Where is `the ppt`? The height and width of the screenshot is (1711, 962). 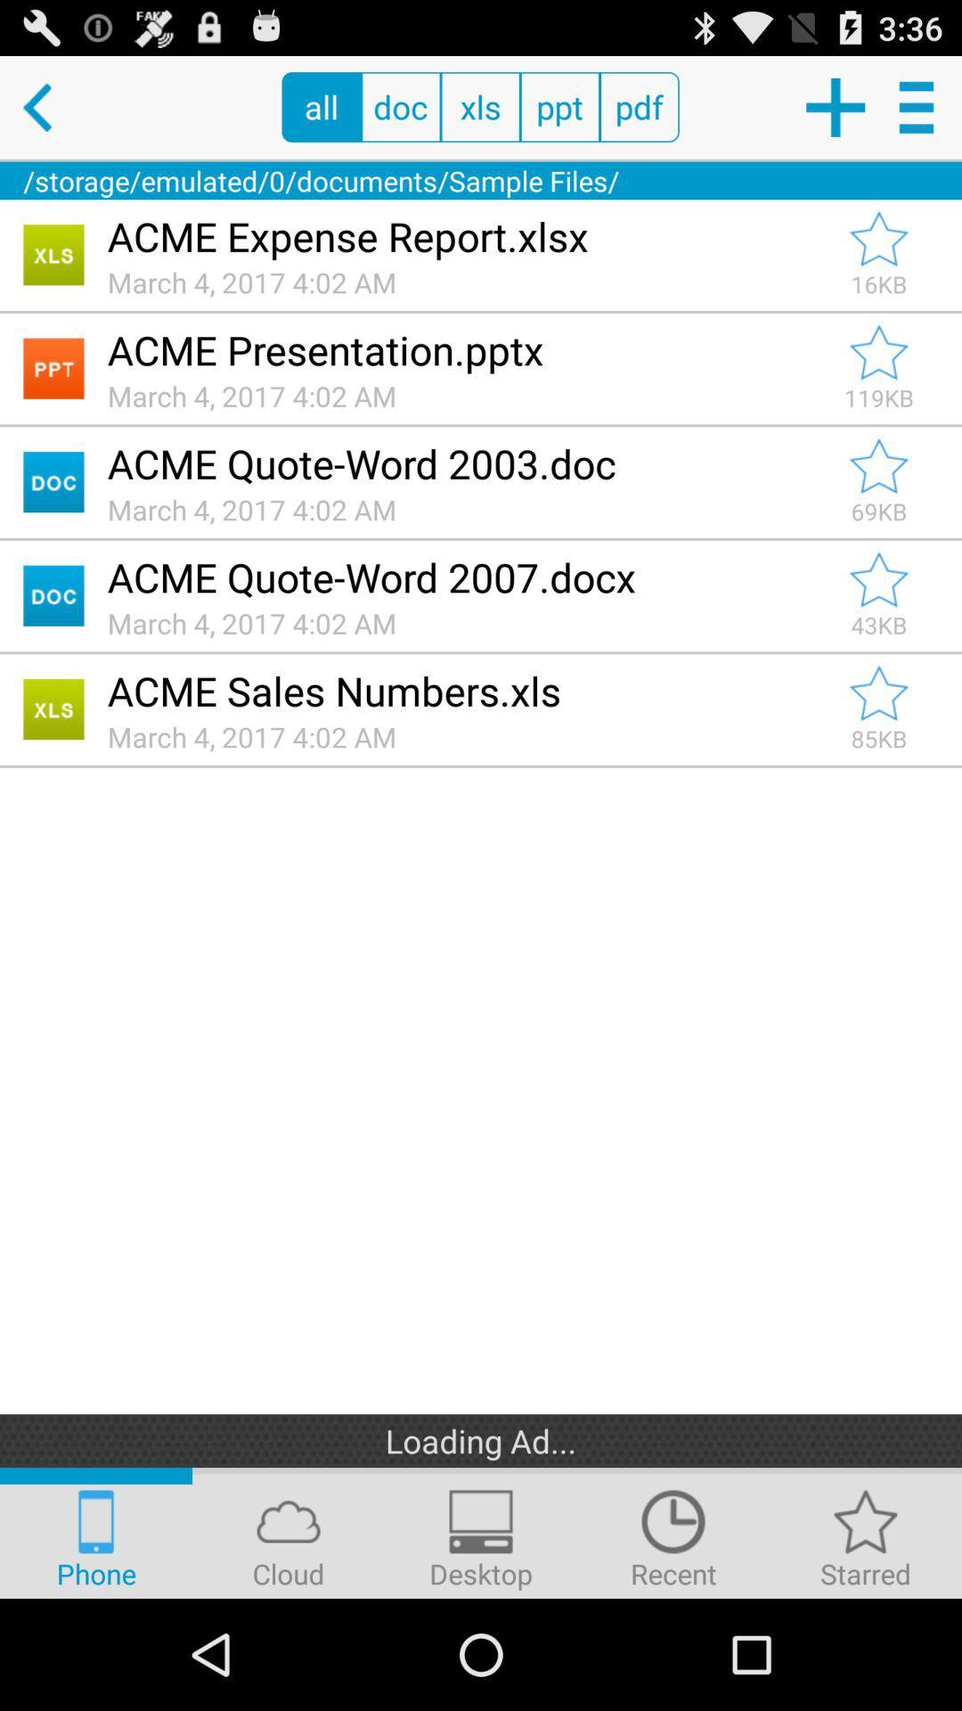 the ppt is located at coordinates (558, 106).